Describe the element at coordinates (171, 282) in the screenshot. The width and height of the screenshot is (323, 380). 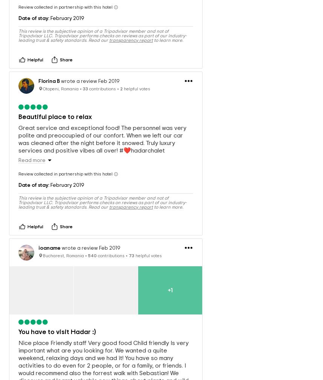
I see `'1'` at that location.